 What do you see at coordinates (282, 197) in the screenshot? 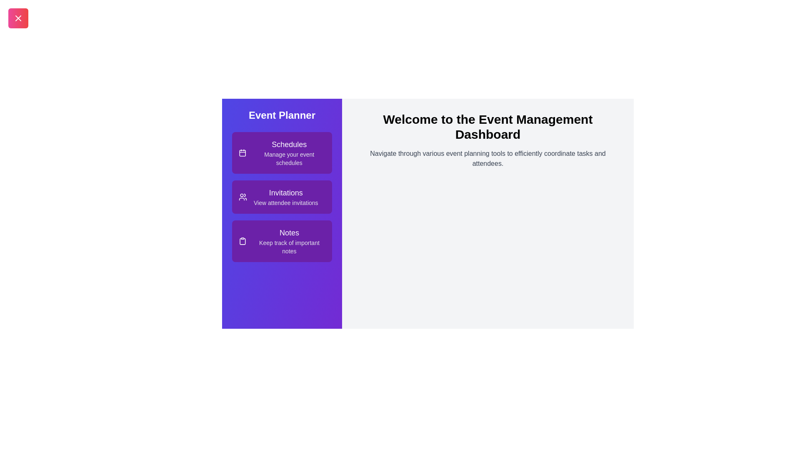
I see `the 'Invitations' item in the Event Planner Drawer` at bounding box center [282, 197].